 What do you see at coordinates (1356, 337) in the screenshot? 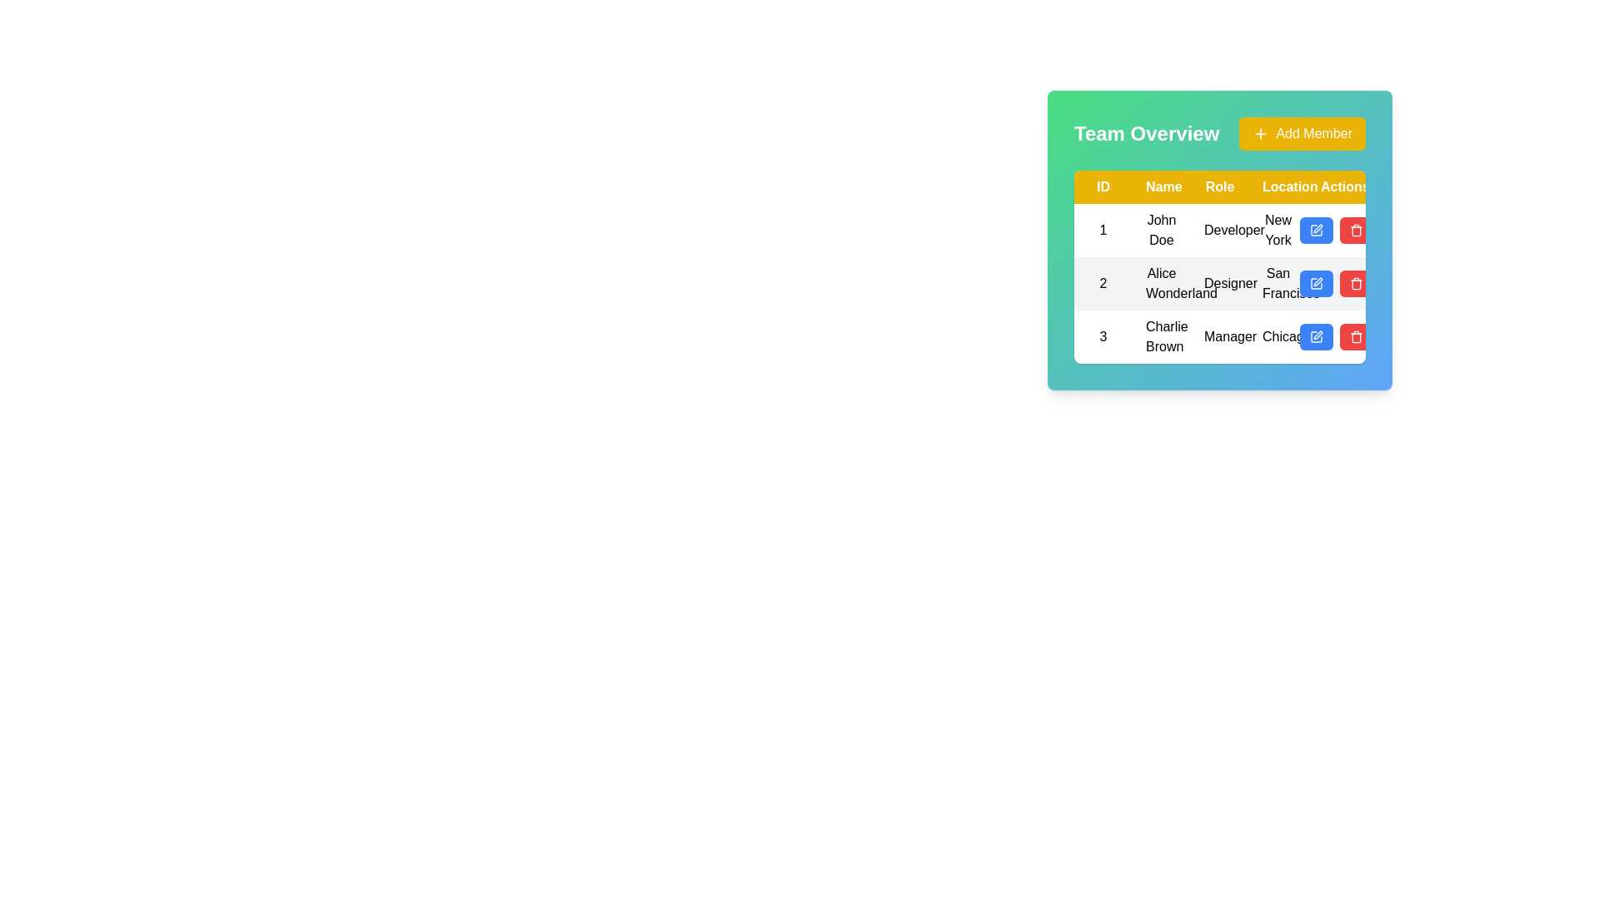
I see `the delete button located` at bounding box center [1356, 337].